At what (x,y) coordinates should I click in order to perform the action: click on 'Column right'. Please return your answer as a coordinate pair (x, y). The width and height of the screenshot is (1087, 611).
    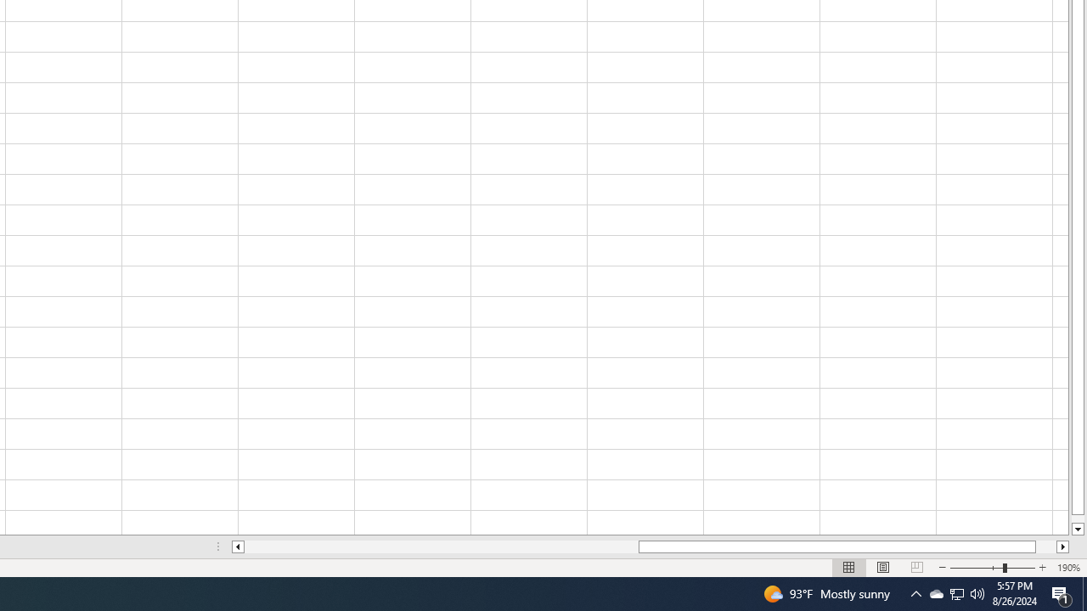
    Looking at the image, I should click on (1062, 547).